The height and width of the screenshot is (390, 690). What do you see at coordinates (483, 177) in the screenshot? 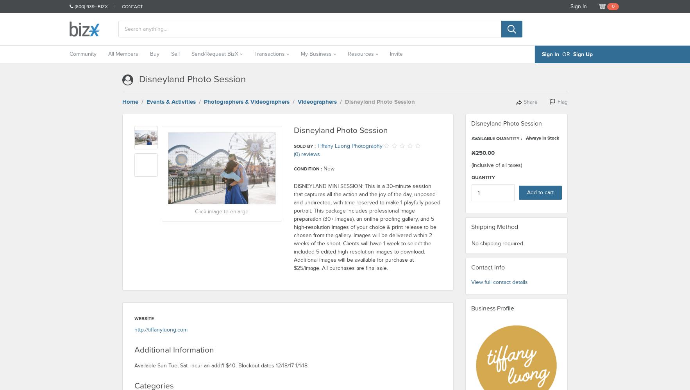
I see `'Quantity'` at bounding box center [483, 177].